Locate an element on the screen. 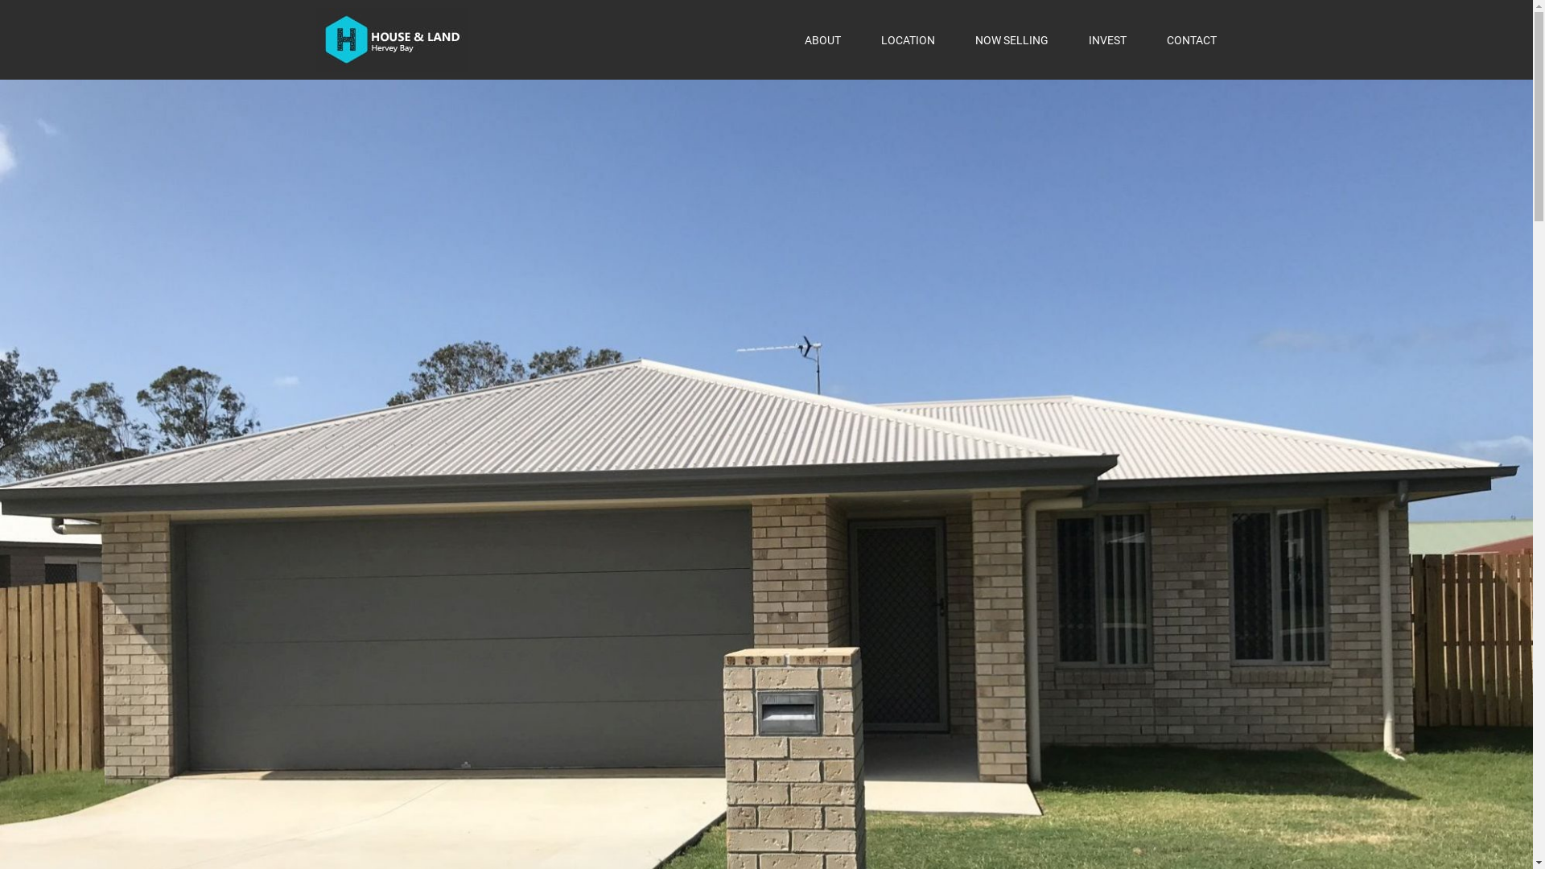  'INVEST' is located at coordinates (1106, 39).